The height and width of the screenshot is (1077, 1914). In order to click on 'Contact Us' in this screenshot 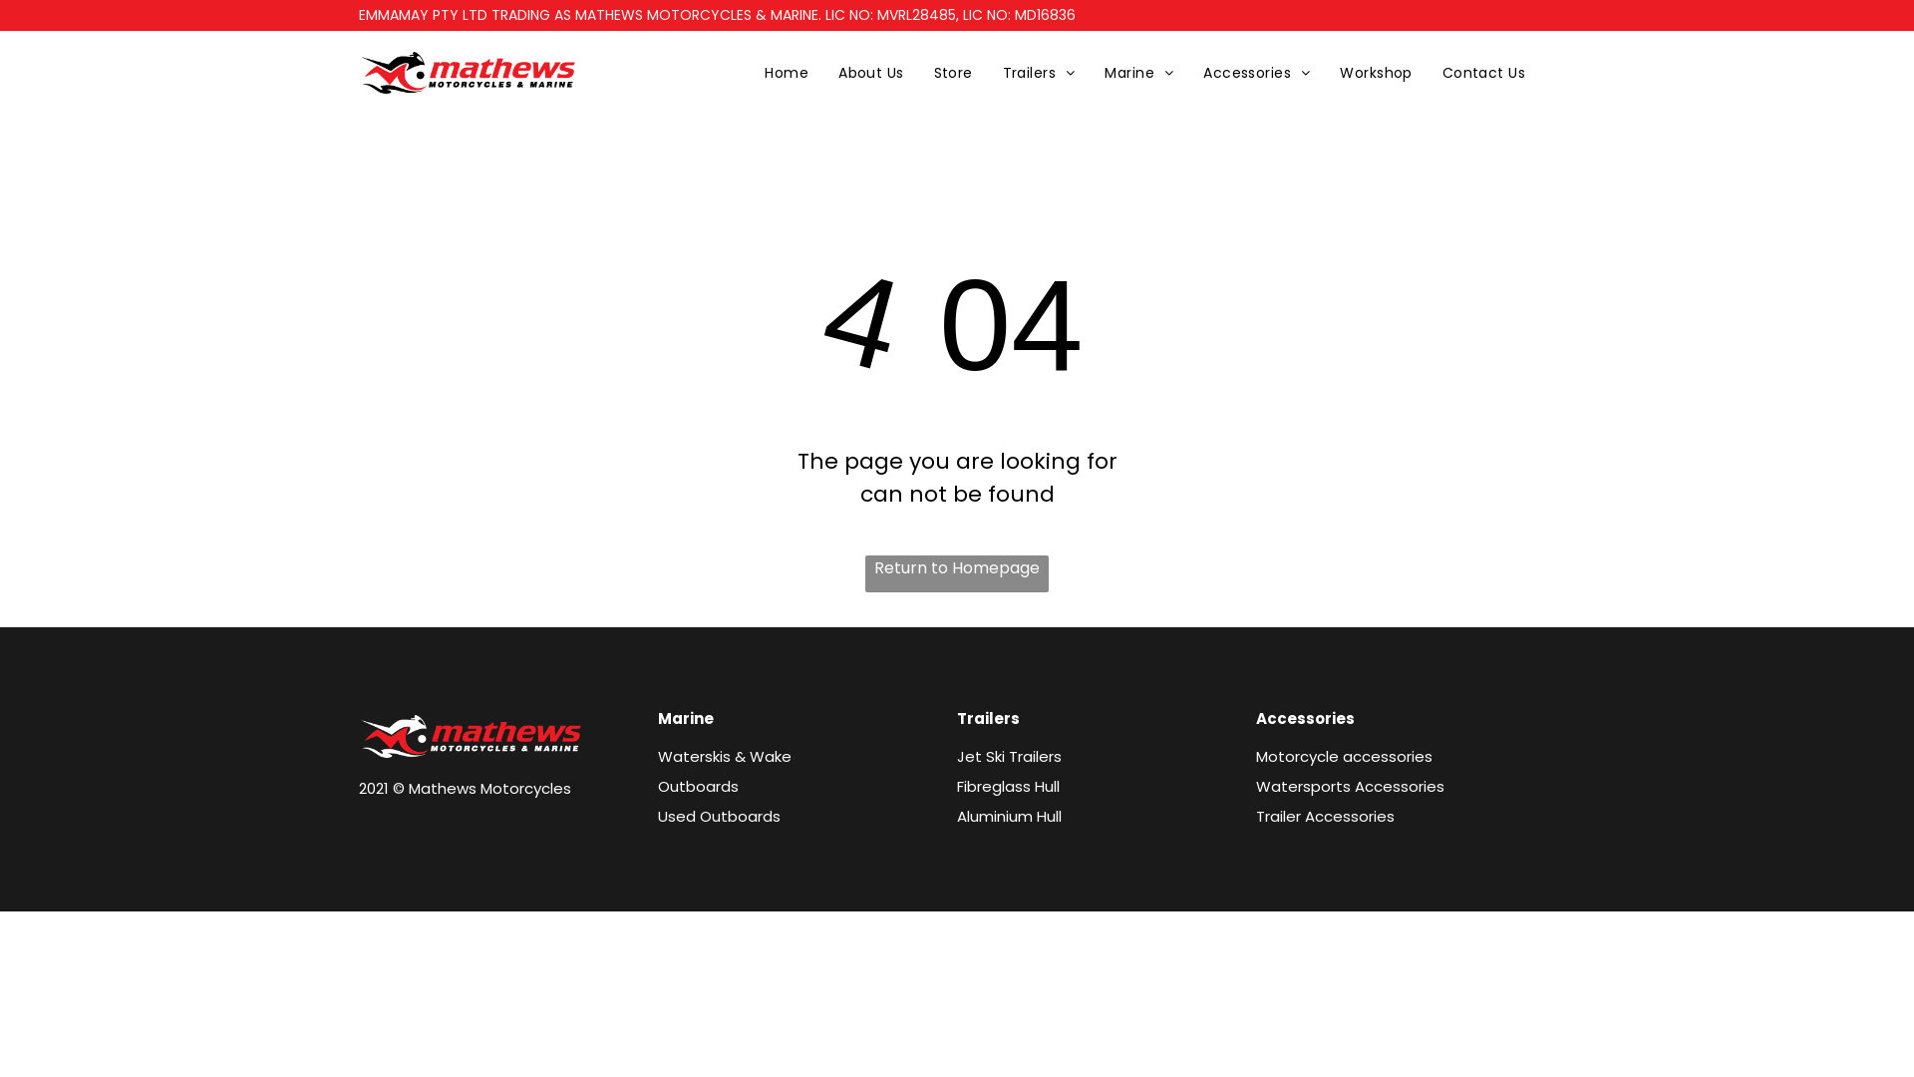, I will do `click(1483, 72)`.